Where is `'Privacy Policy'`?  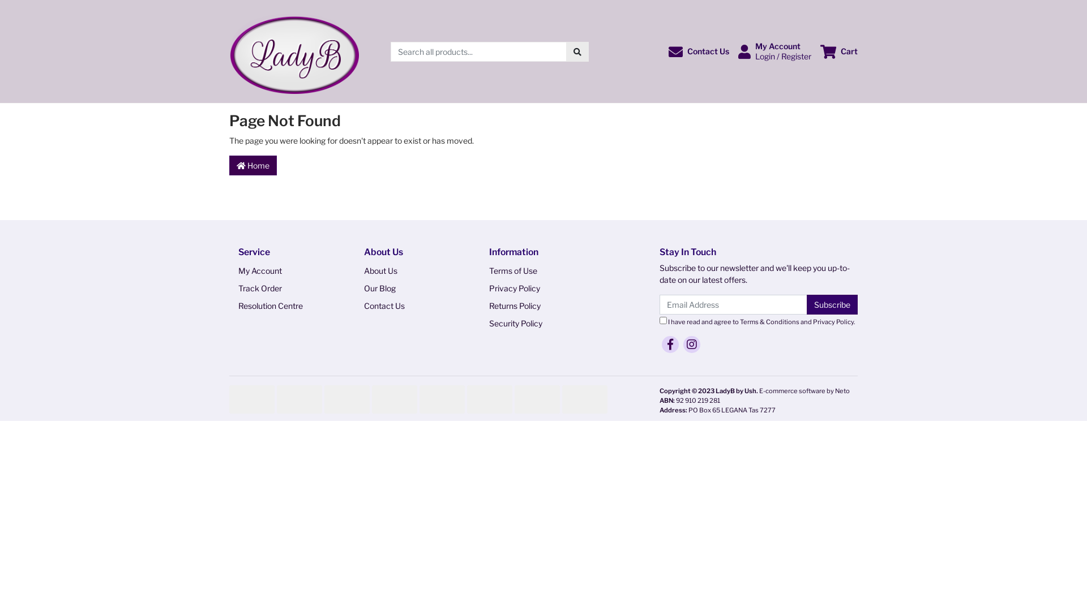
'Privacy Policy' is located at coordinates (833, 322).